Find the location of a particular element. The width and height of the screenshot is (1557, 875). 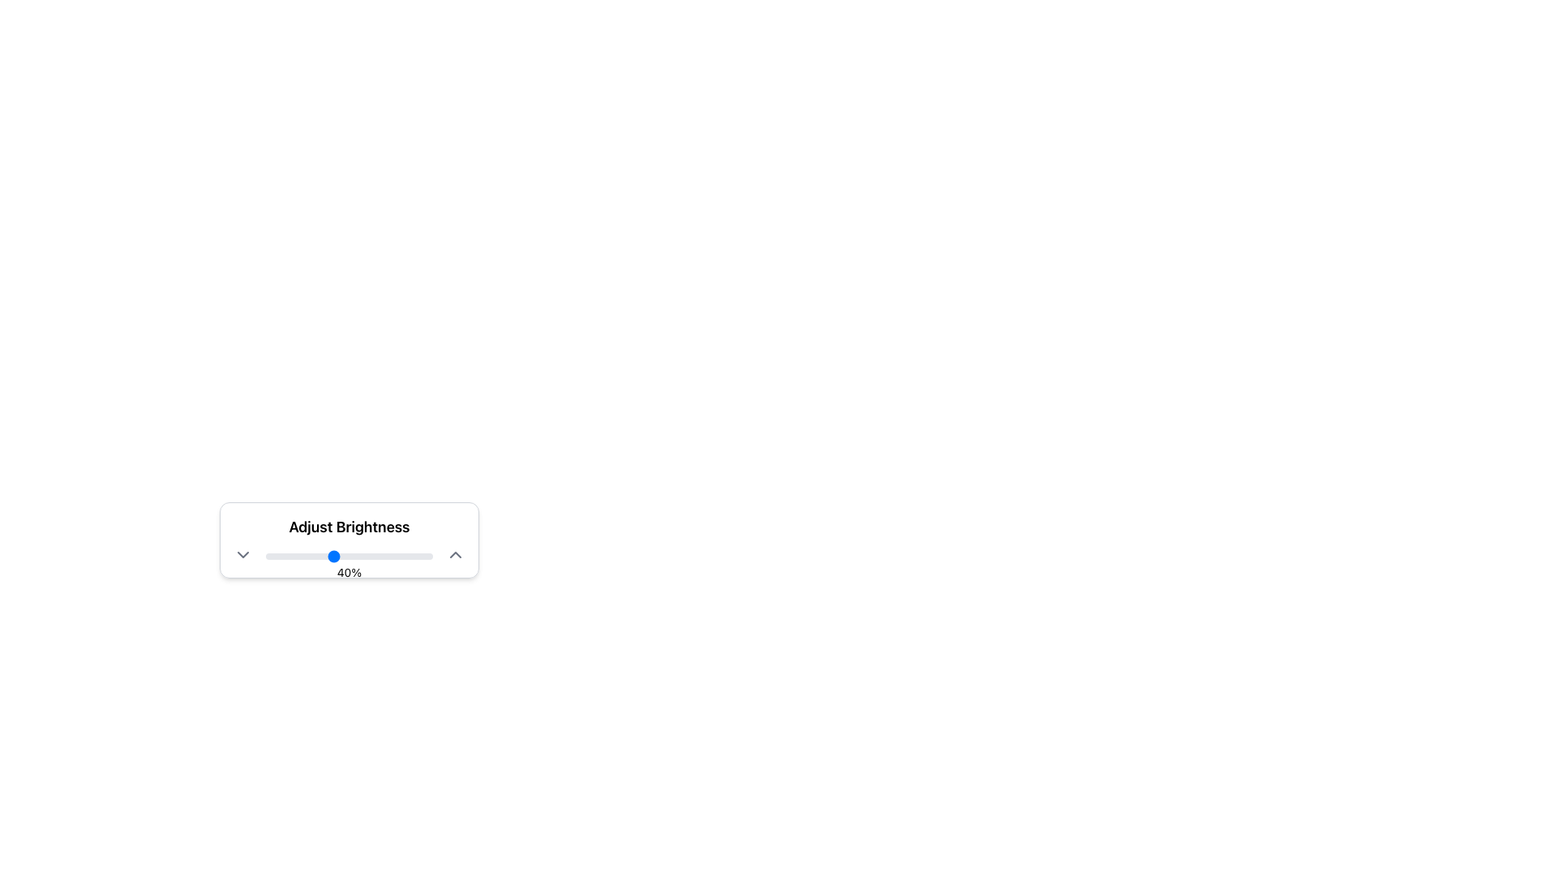

the chevron-down icon button located in the 'Adjust Brightness' interface is located at coordinates (242, 554).